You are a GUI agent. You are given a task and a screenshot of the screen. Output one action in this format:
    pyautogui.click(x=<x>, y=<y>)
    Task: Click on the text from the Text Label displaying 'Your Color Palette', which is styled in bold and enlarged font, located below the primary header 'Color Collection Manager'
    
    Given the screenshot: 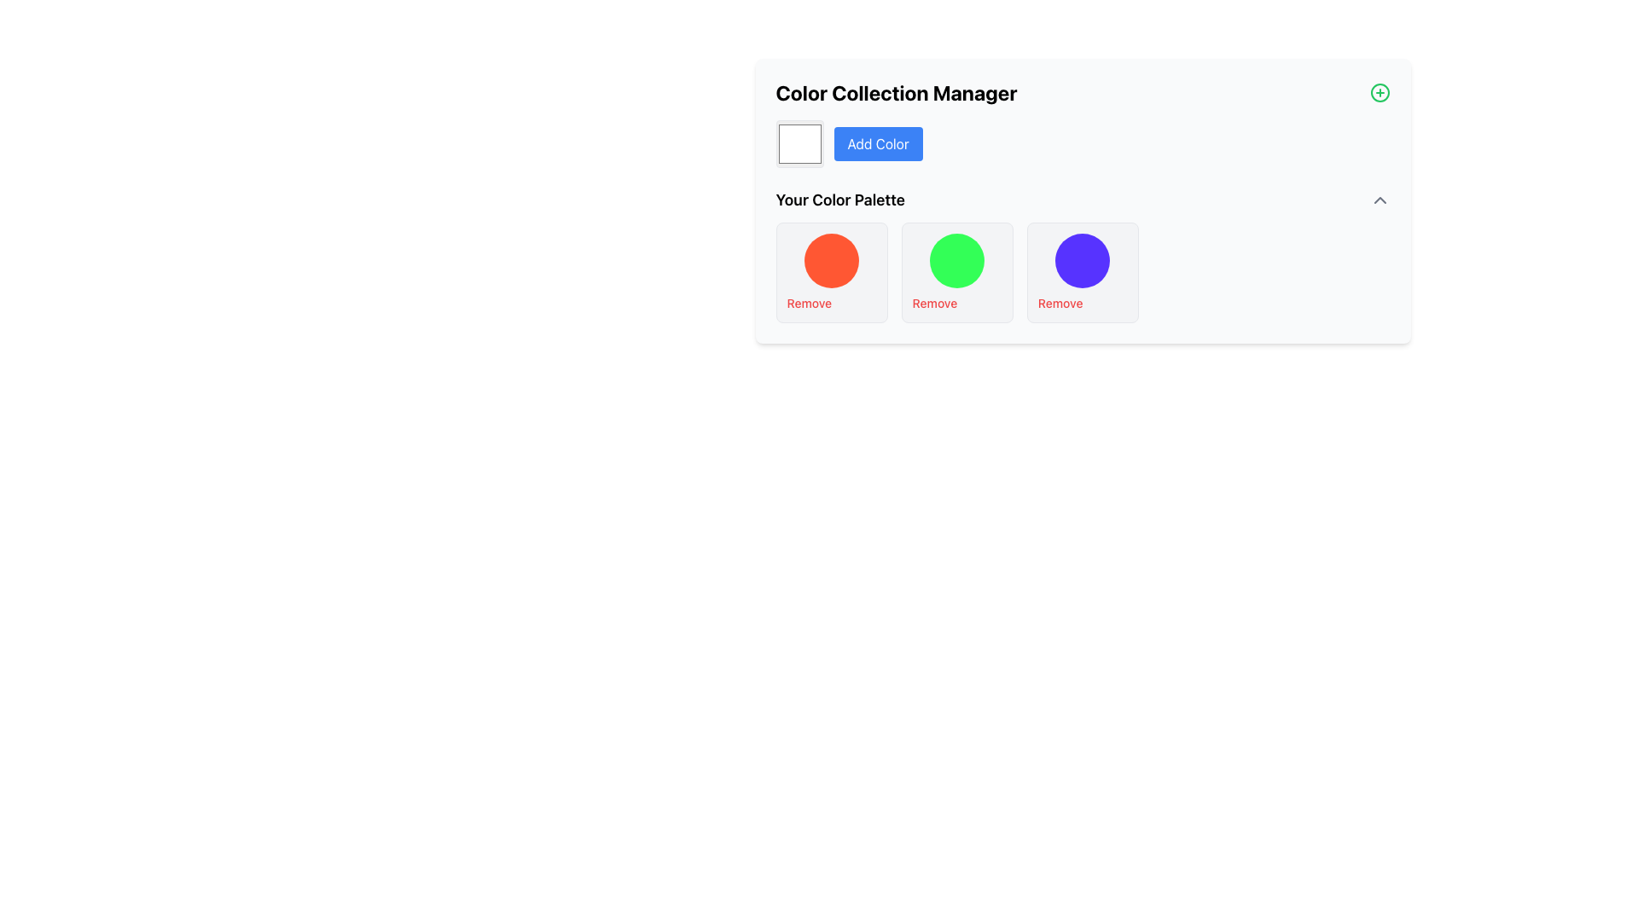 What is the action you would take?
    pyautogui.click(x=840, y=200)
    